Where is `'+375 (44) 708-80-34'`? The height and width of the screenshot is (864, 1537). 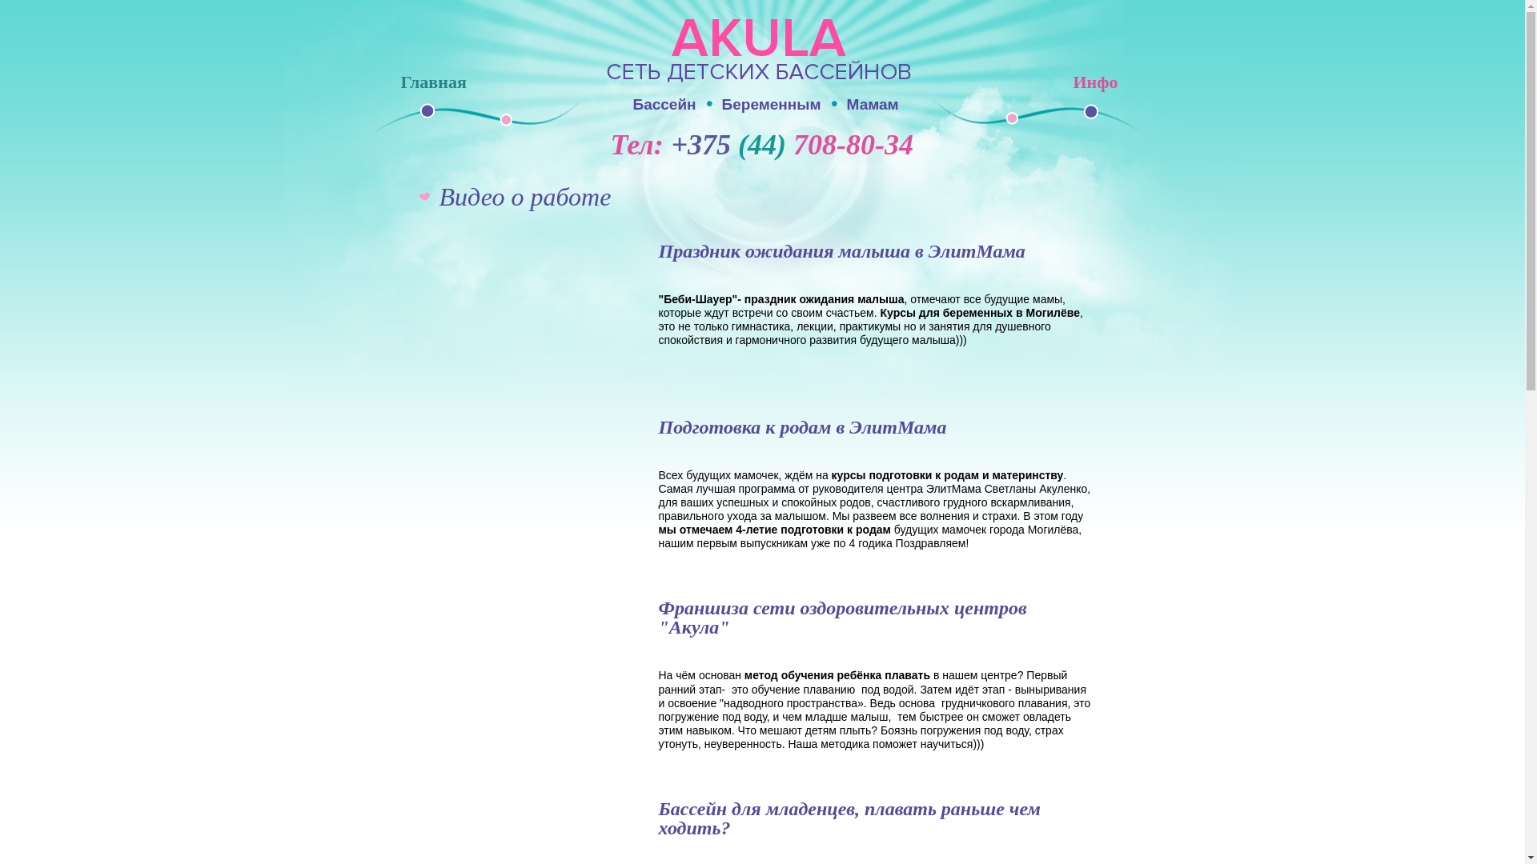 '+375 (44) 708-80-34' is located at coordinates (791, 145).